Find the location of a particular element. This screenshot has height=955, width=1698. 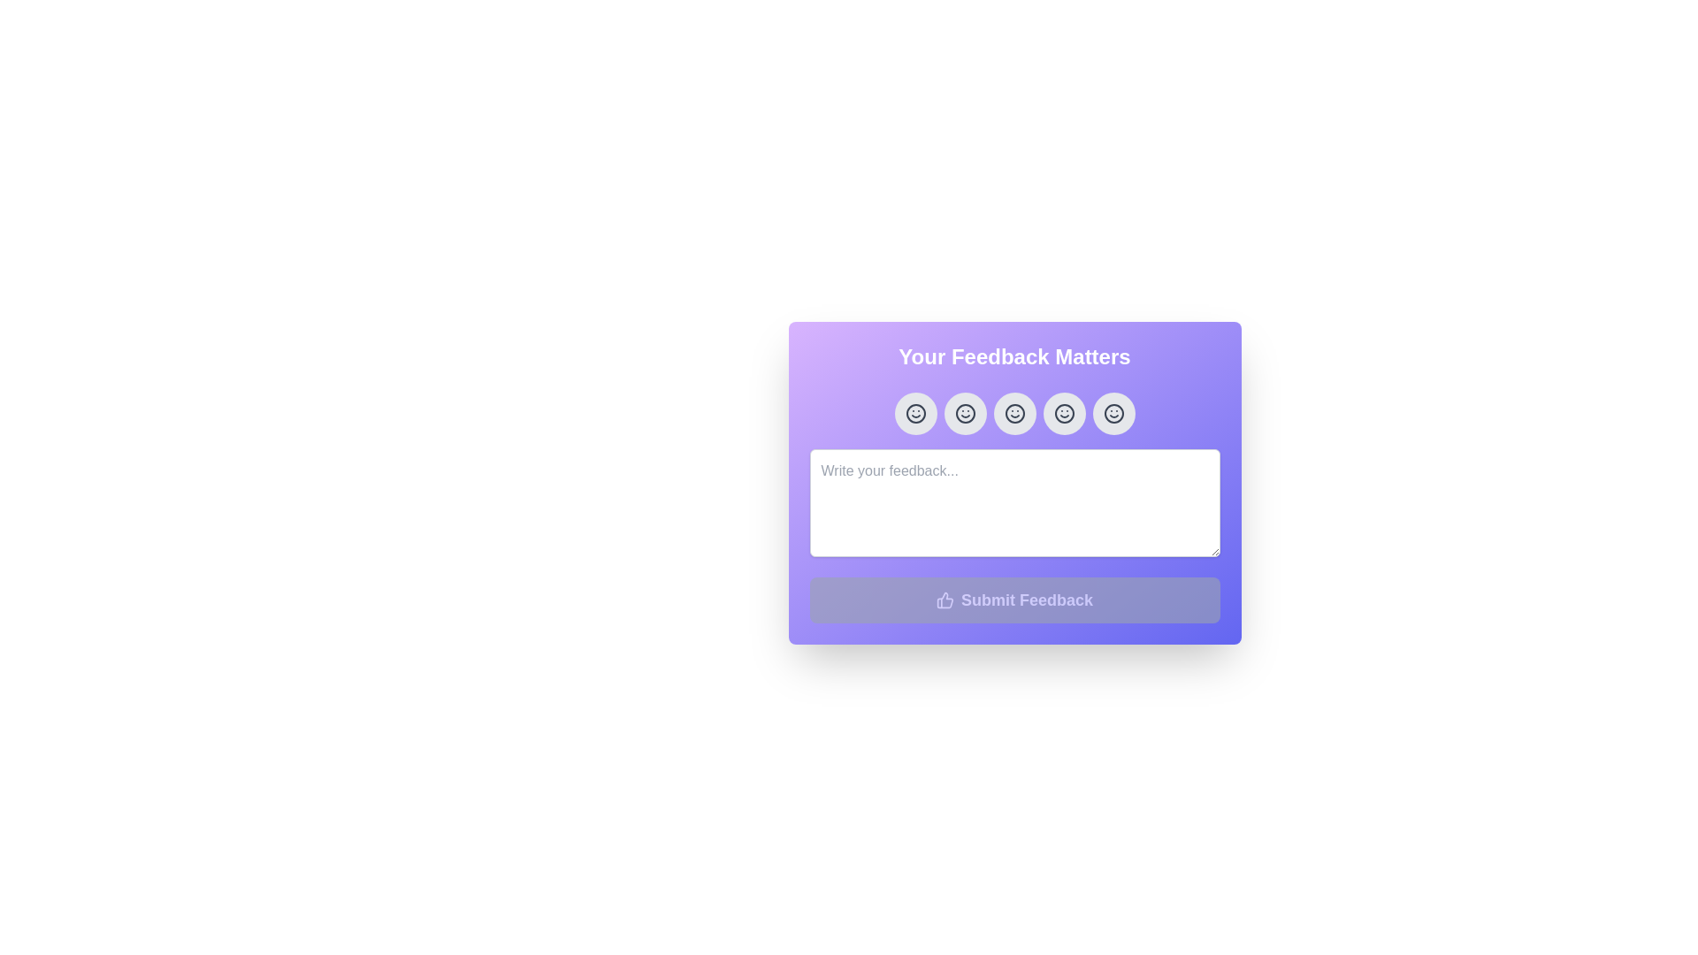

the fourth smiley face icon representing 'very happy' is located at coordinates (1063, 413).